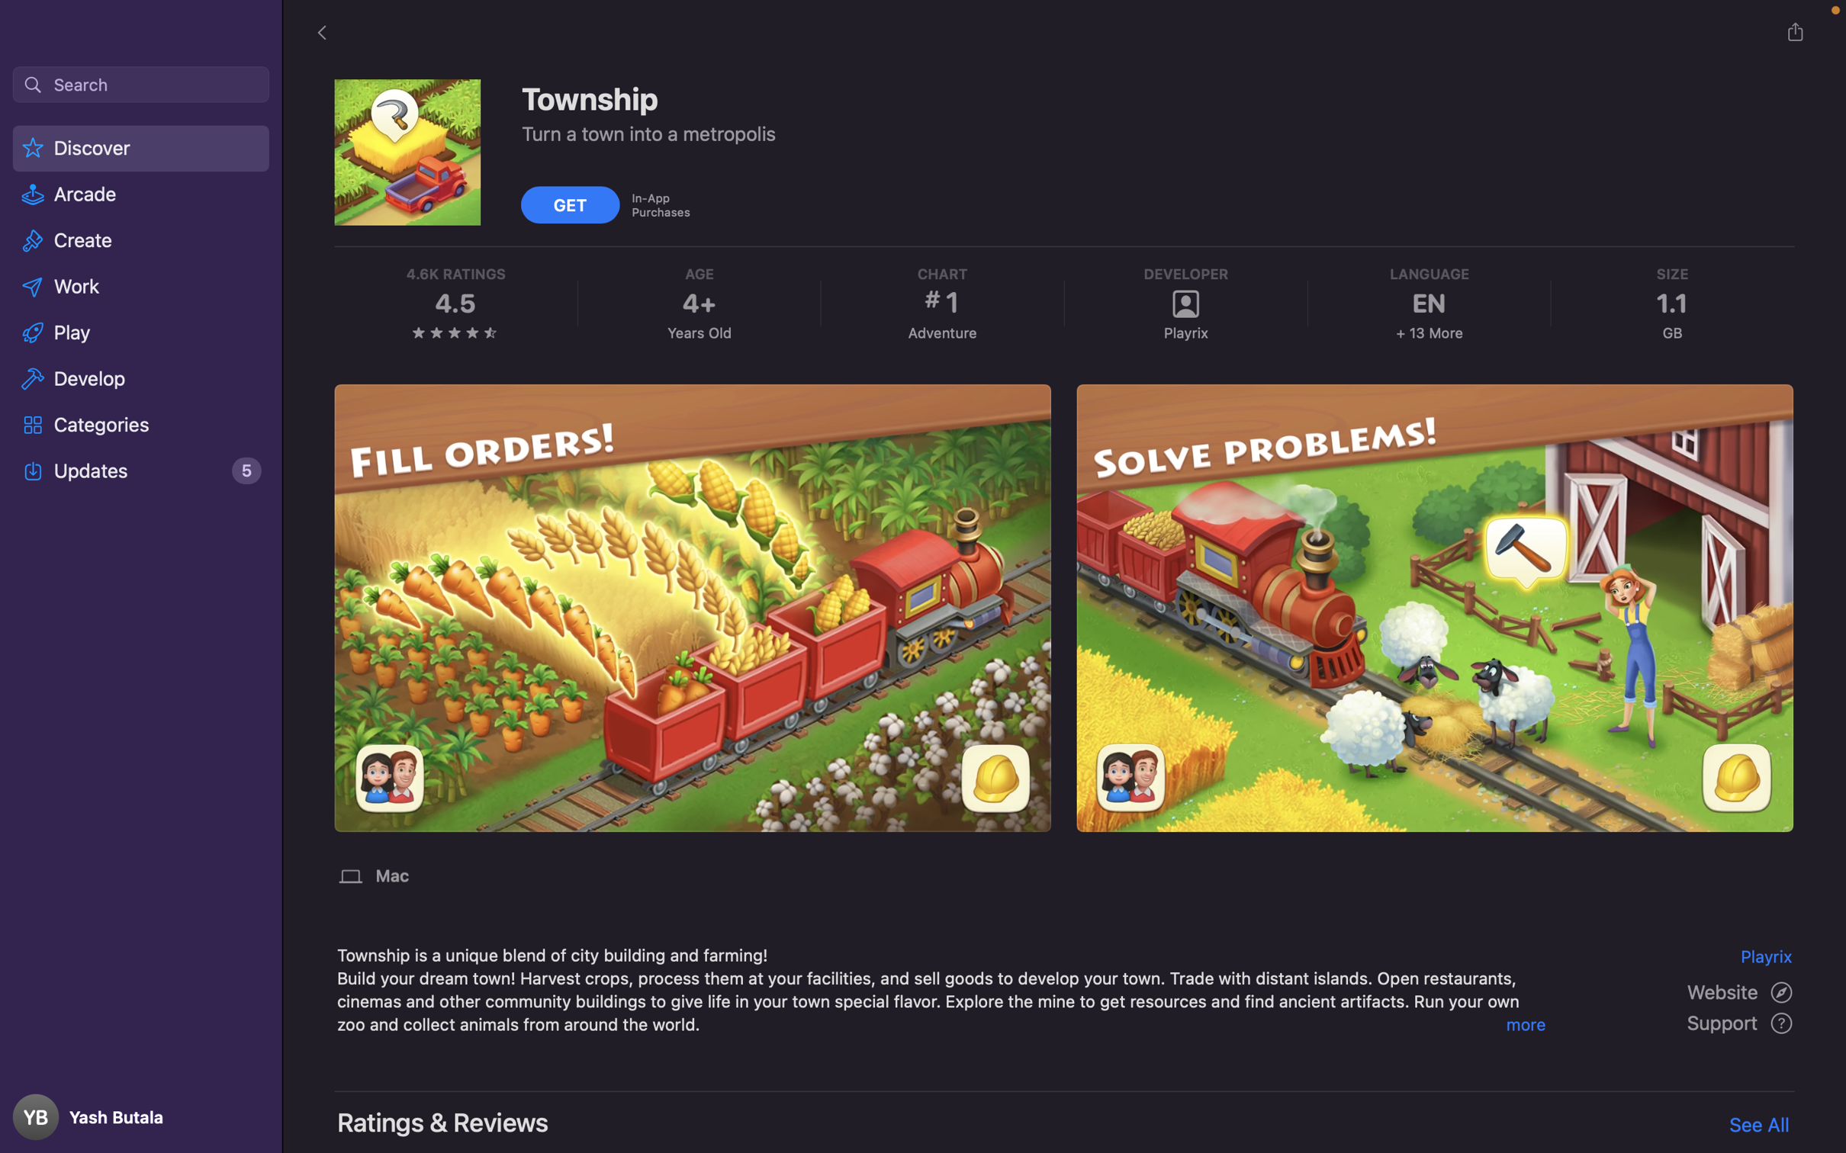  Describe the element at coordinates (1741, 1023) in the screenshot. I see `Move to the "Support" button and then click on "Contact Us" to send a message to customer service` at that location.